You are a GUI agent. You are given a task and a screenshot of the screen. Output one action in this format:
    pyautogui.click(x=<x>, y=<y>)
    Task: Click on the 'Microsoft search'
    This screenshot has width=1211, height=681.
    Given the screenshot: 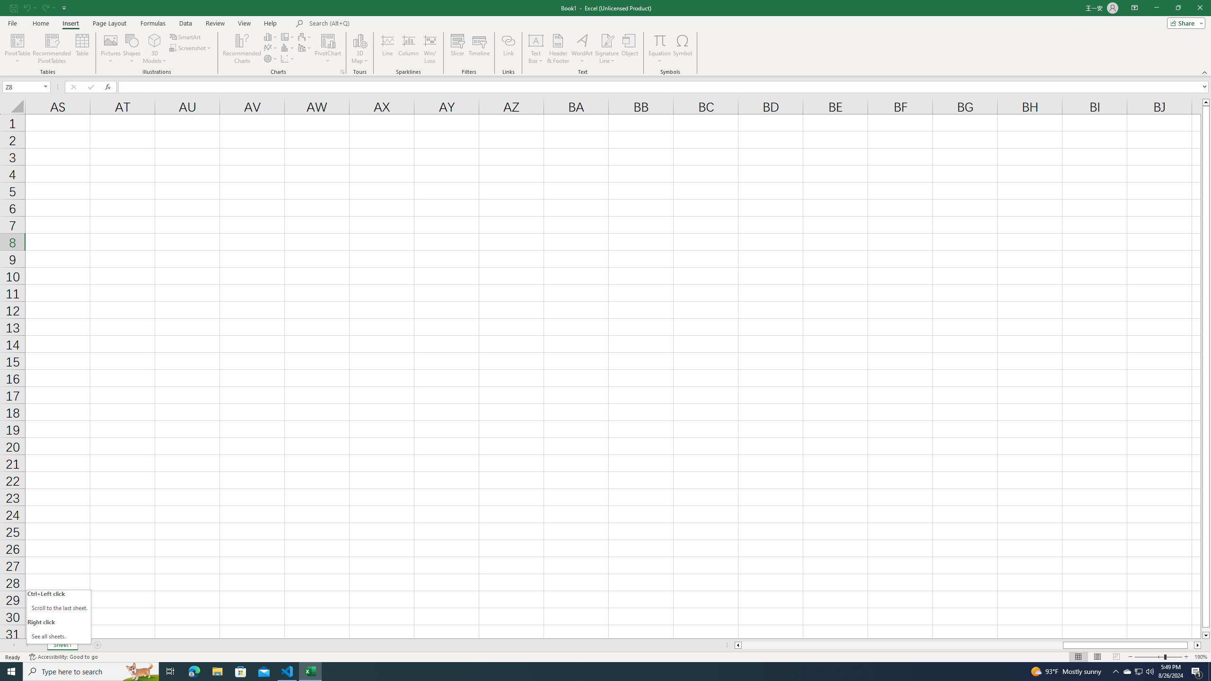 What is the action you would take?
    pyautogui.click(x=374, y=23)
    